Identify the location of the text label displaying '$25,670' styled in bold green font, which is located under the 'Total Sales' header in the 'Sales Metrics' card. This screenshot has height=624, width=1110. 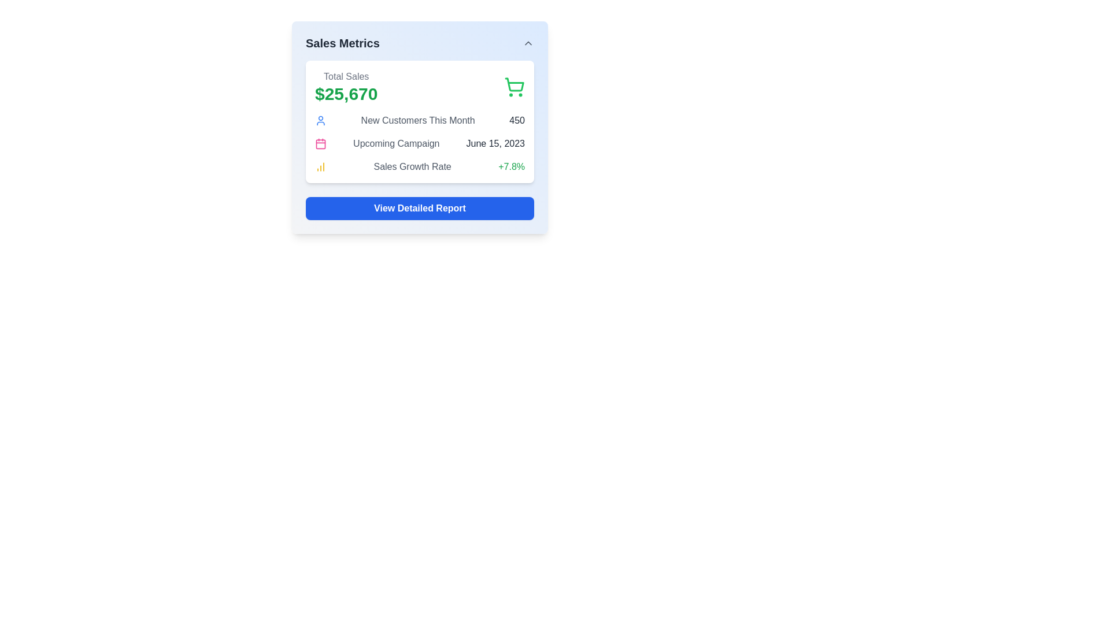
(346, 93).